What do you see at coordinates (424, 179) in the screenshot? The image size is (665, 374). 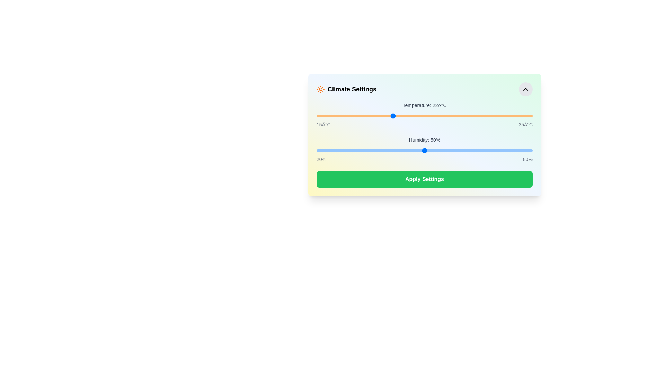 I see `the button at the bottom of the climate settings panel to apply the selected temperature and humidity settings` at bounding box center [424, 179].